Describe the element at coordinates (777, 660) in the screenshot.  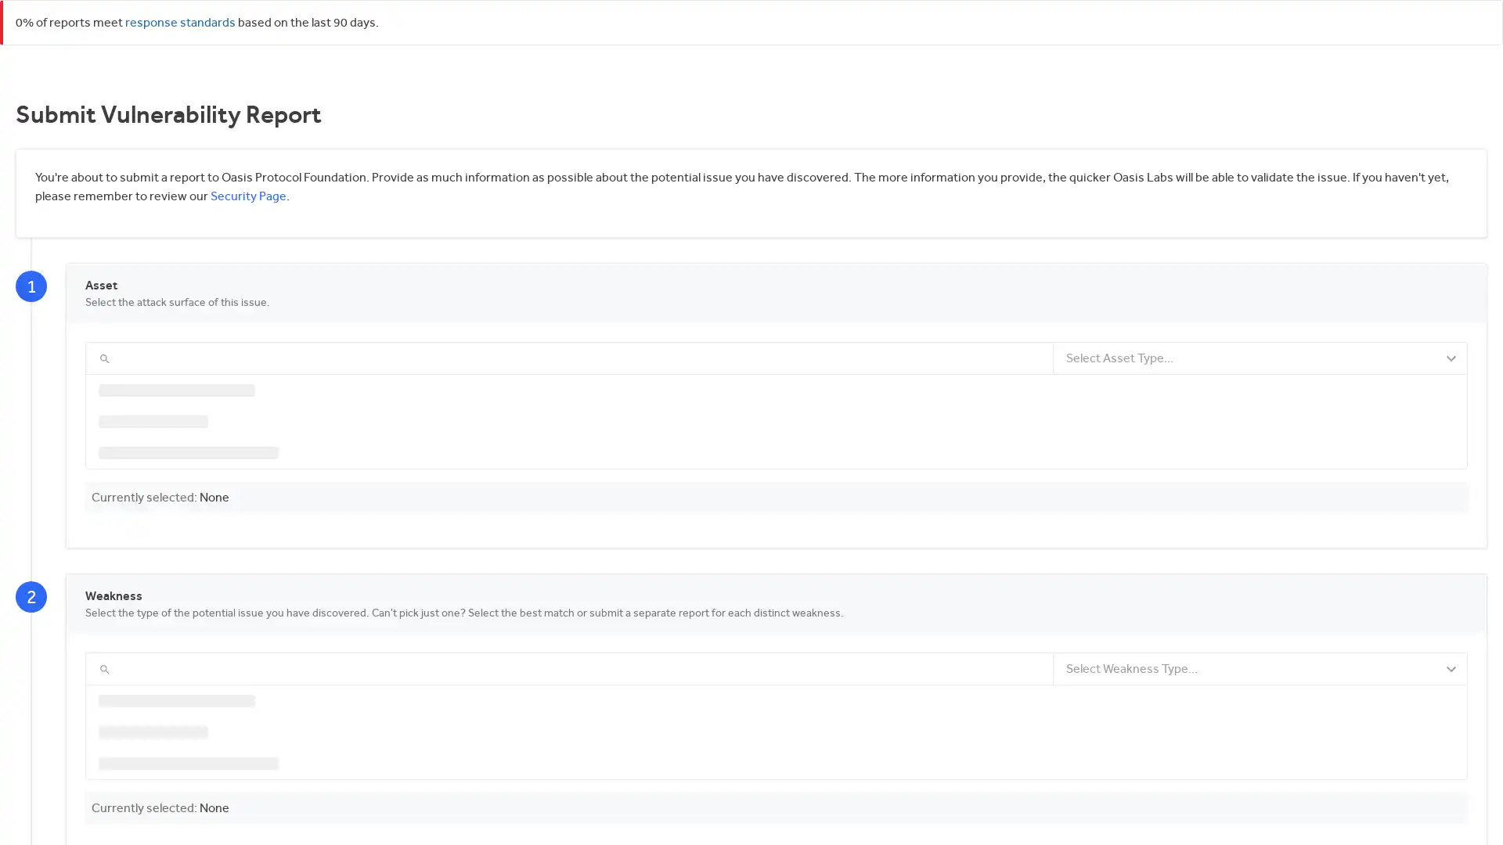
I see `https://github.com/oasisprotocol/oasis-wallet-web Source codeCriticalEligible for bounty` at that location.